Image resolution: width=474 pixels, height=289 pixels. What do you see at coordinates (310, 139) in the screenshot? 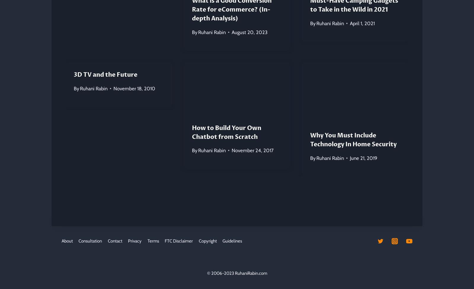
I see `'Why You Must Include Technology In Home Security'` at bounding box center [310, 139].